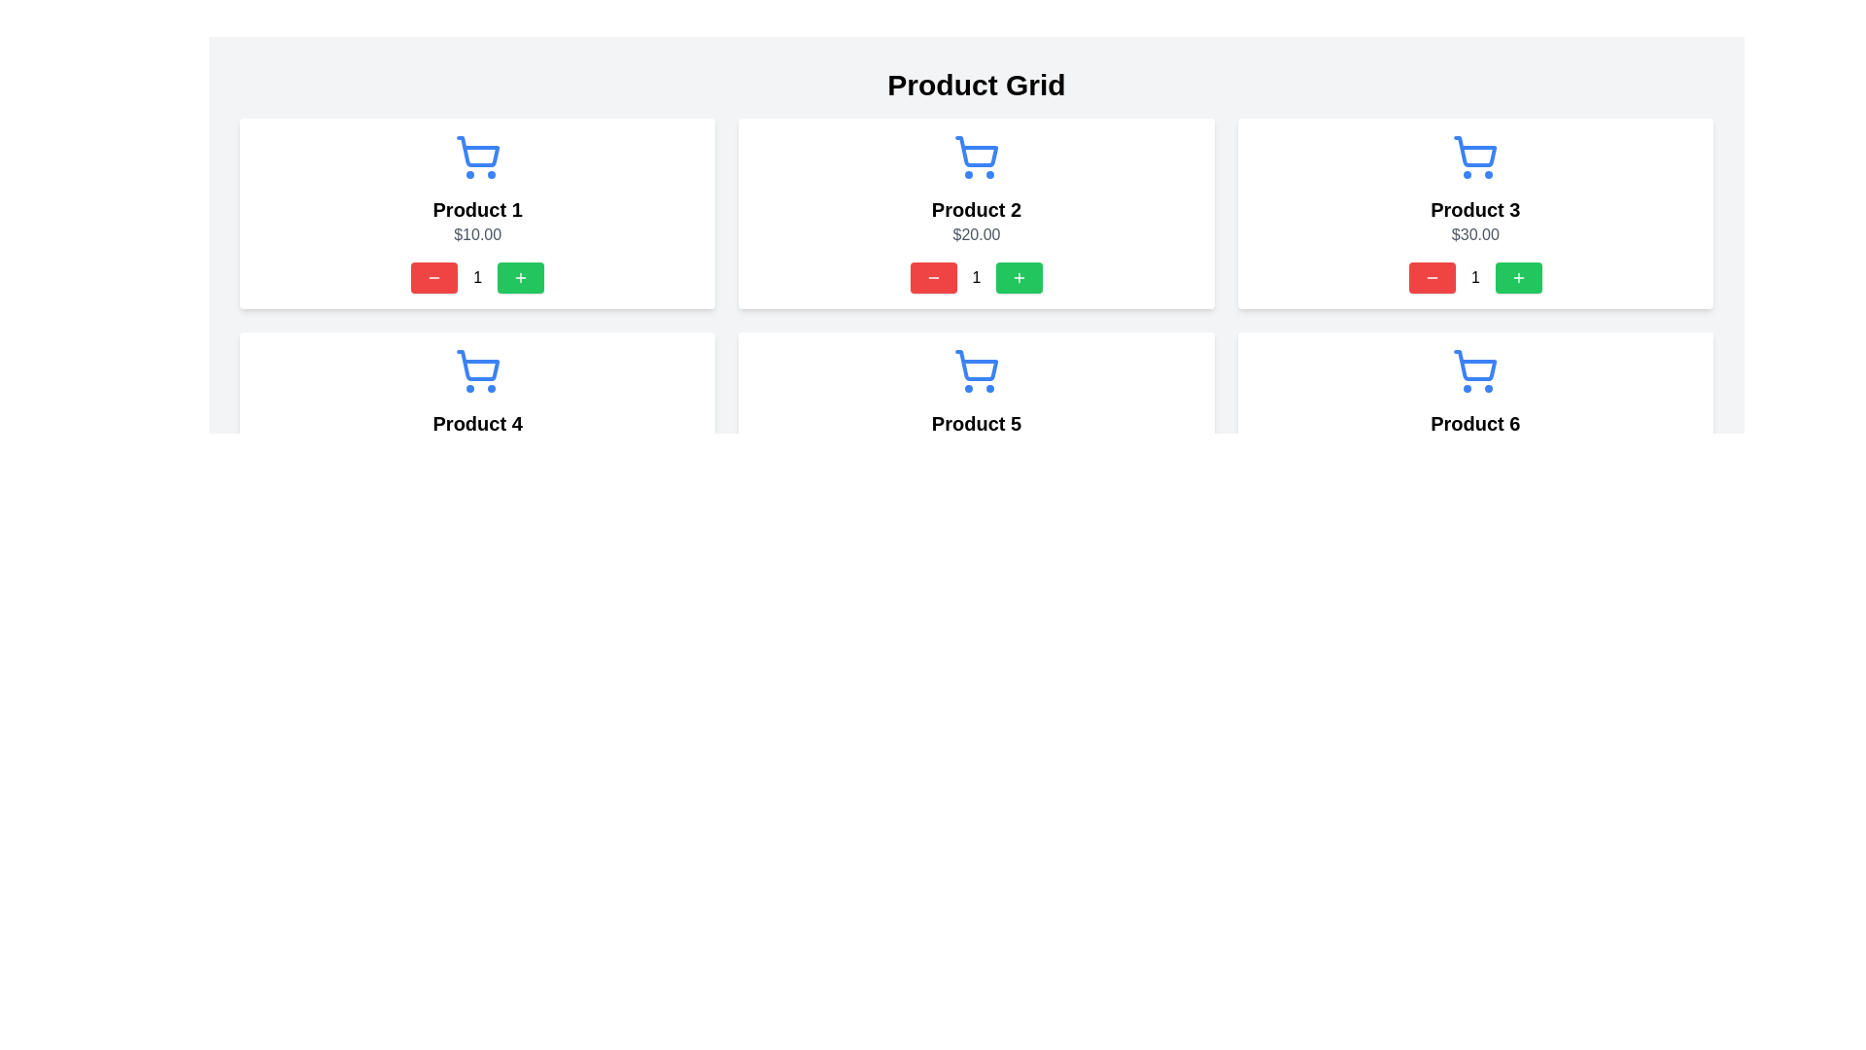 The image size is (1866, 1050). Describe the element at coordinates (1475, 151) in the screenshot. I see `the shopping cart icon located in the first row and third column of the grid layout, above the text 'Product 3'` at that location.